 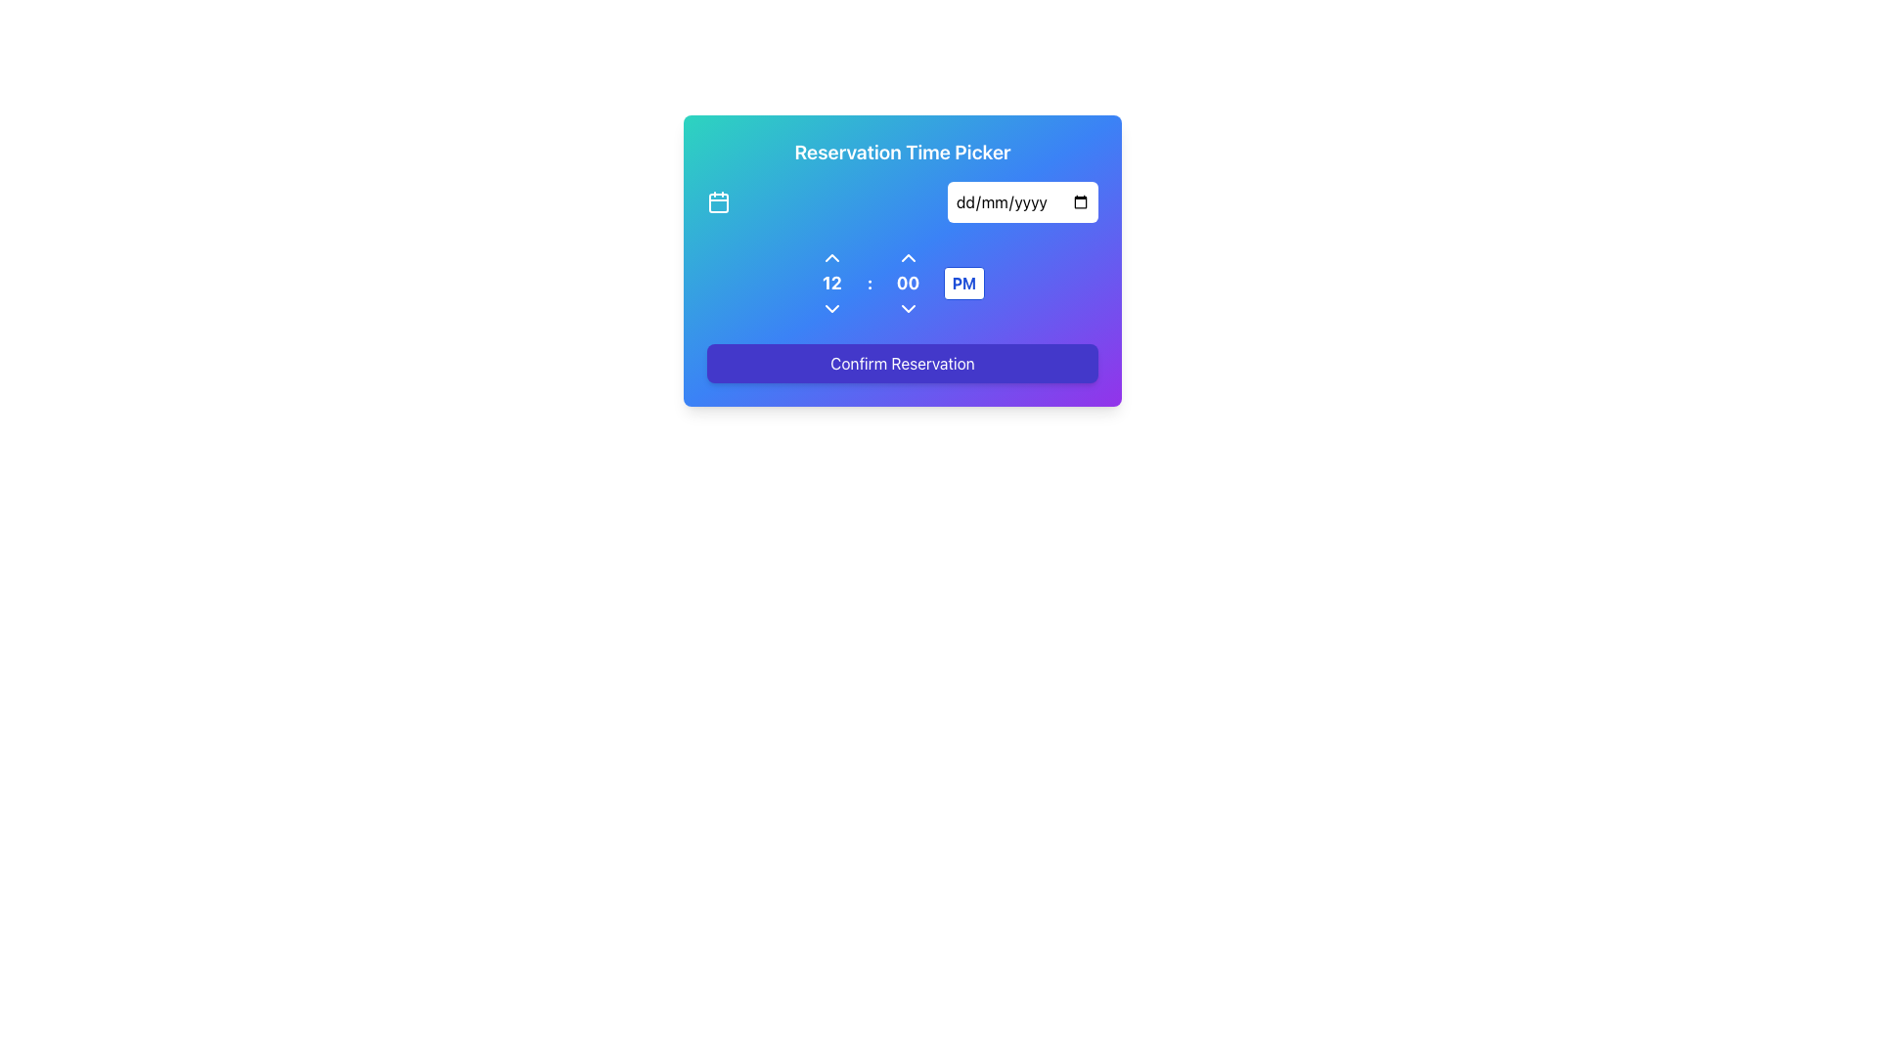 What do you see at coordinates (901, 202) in the screenshot?
I see `the interactive button of the Date Picker Interface located in the 'Reservation Time Picker' section` at bounding box center [901, 202].